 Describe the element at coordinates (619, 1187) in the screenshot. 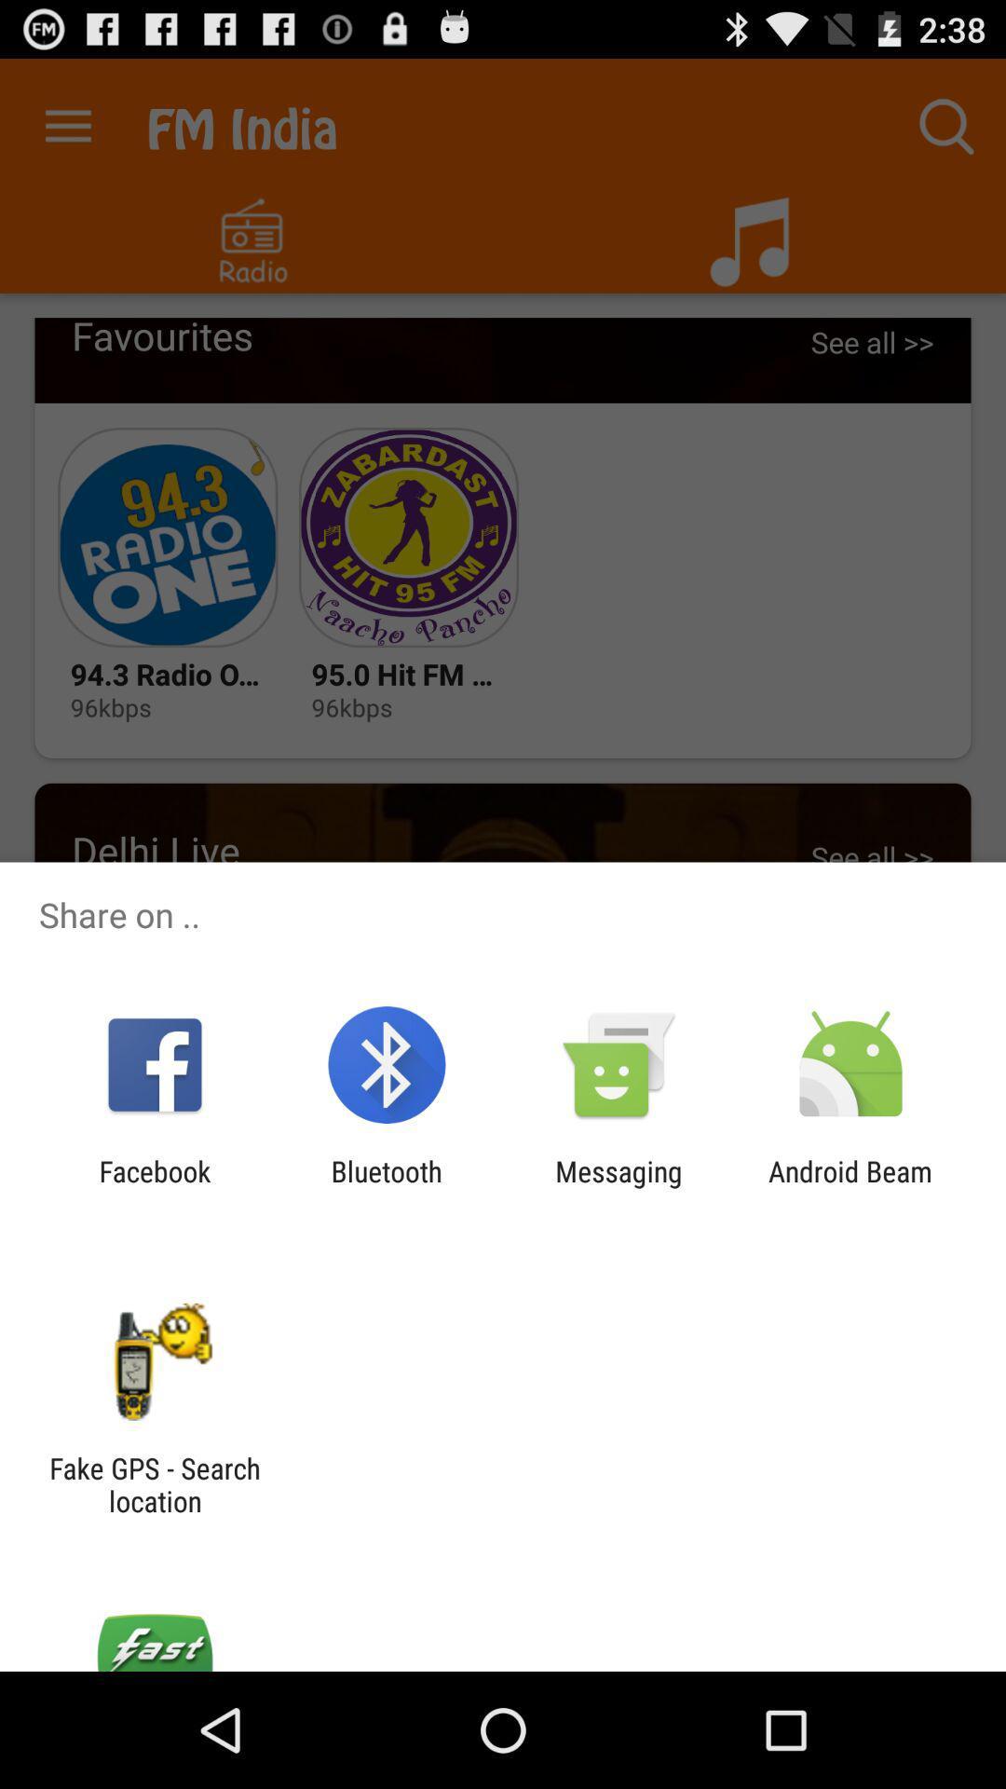

I see `app next to the android beam item` at that location.